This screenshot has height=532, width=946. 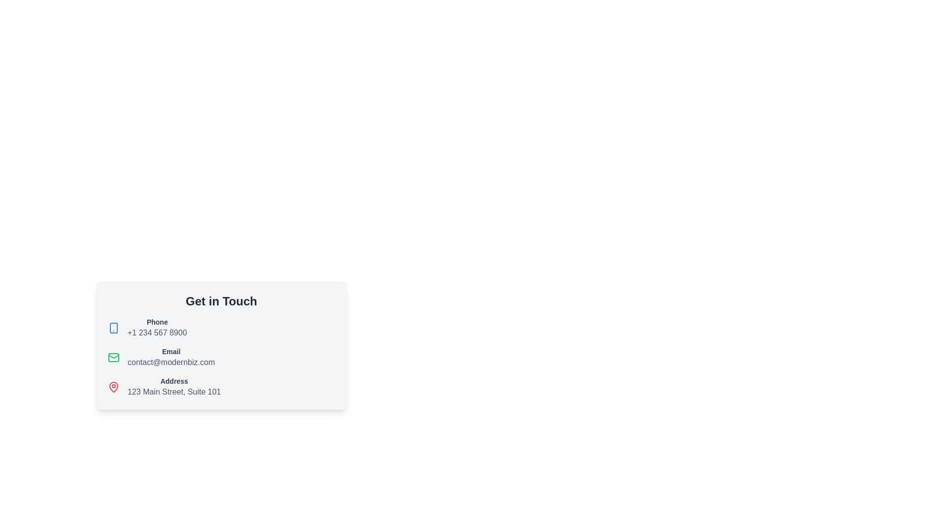 What do you see at coordinates (221, 387) in the screenshot?
I see `the address section of the contact information, which includes a red map pin icon and the text 'Address' and '123 Main Street, Suite 101'` at bounding box center [221, 387].